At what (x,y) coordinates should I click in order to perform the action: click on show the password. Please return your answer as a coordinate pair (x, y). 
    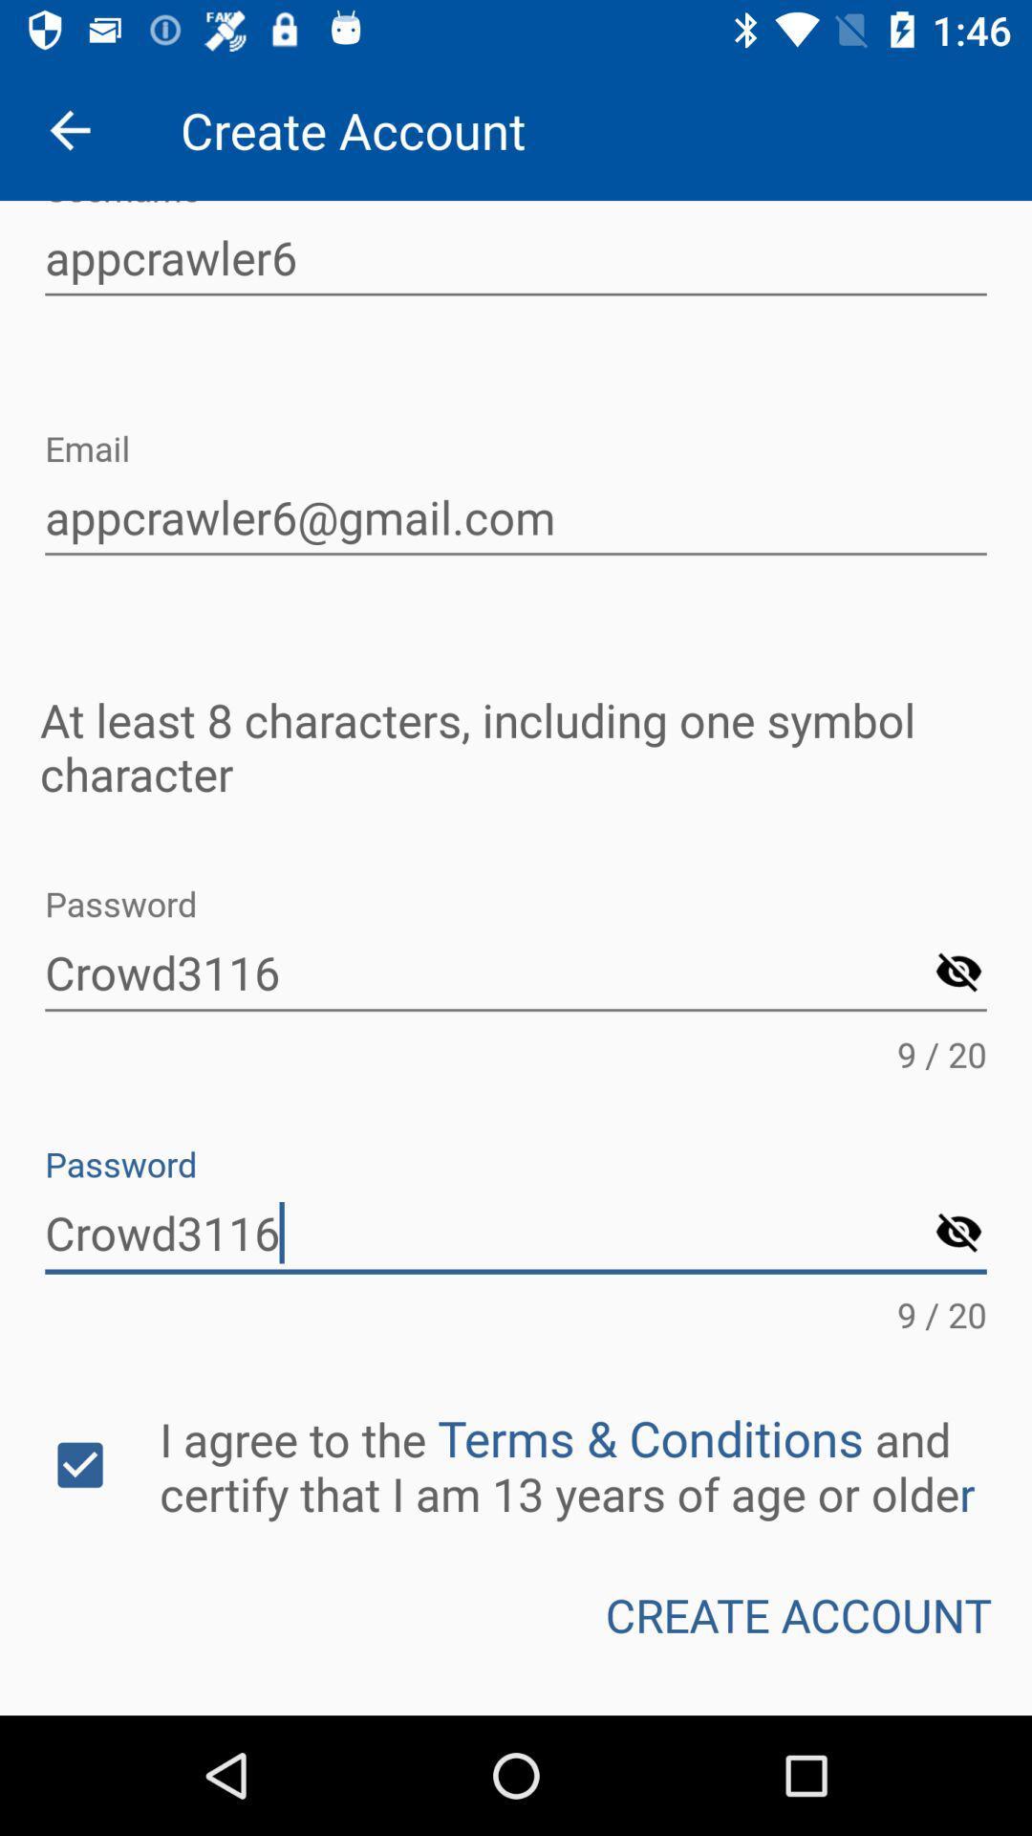
    Looking at the image, I should click on (958, 1234).